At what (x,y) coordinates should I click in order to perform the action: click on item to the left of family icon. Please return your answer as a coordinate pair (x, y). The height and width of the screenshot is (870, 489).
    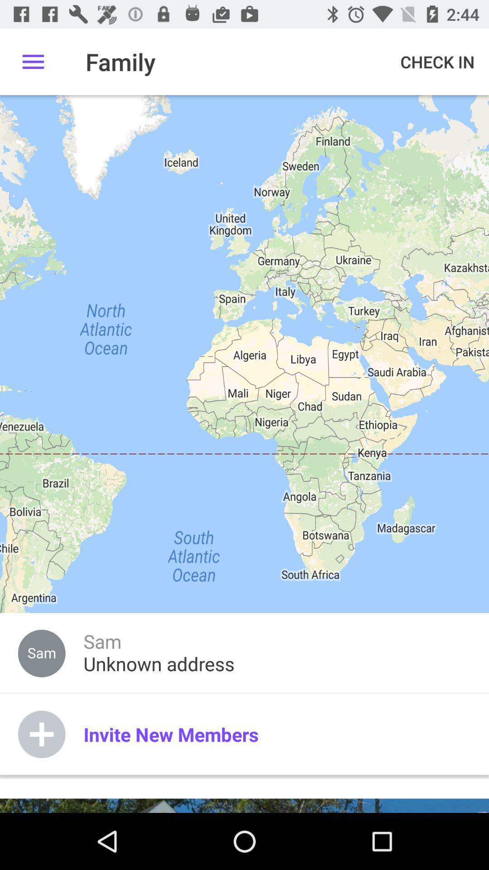
    Looking at the image, I should click on (33, 61).